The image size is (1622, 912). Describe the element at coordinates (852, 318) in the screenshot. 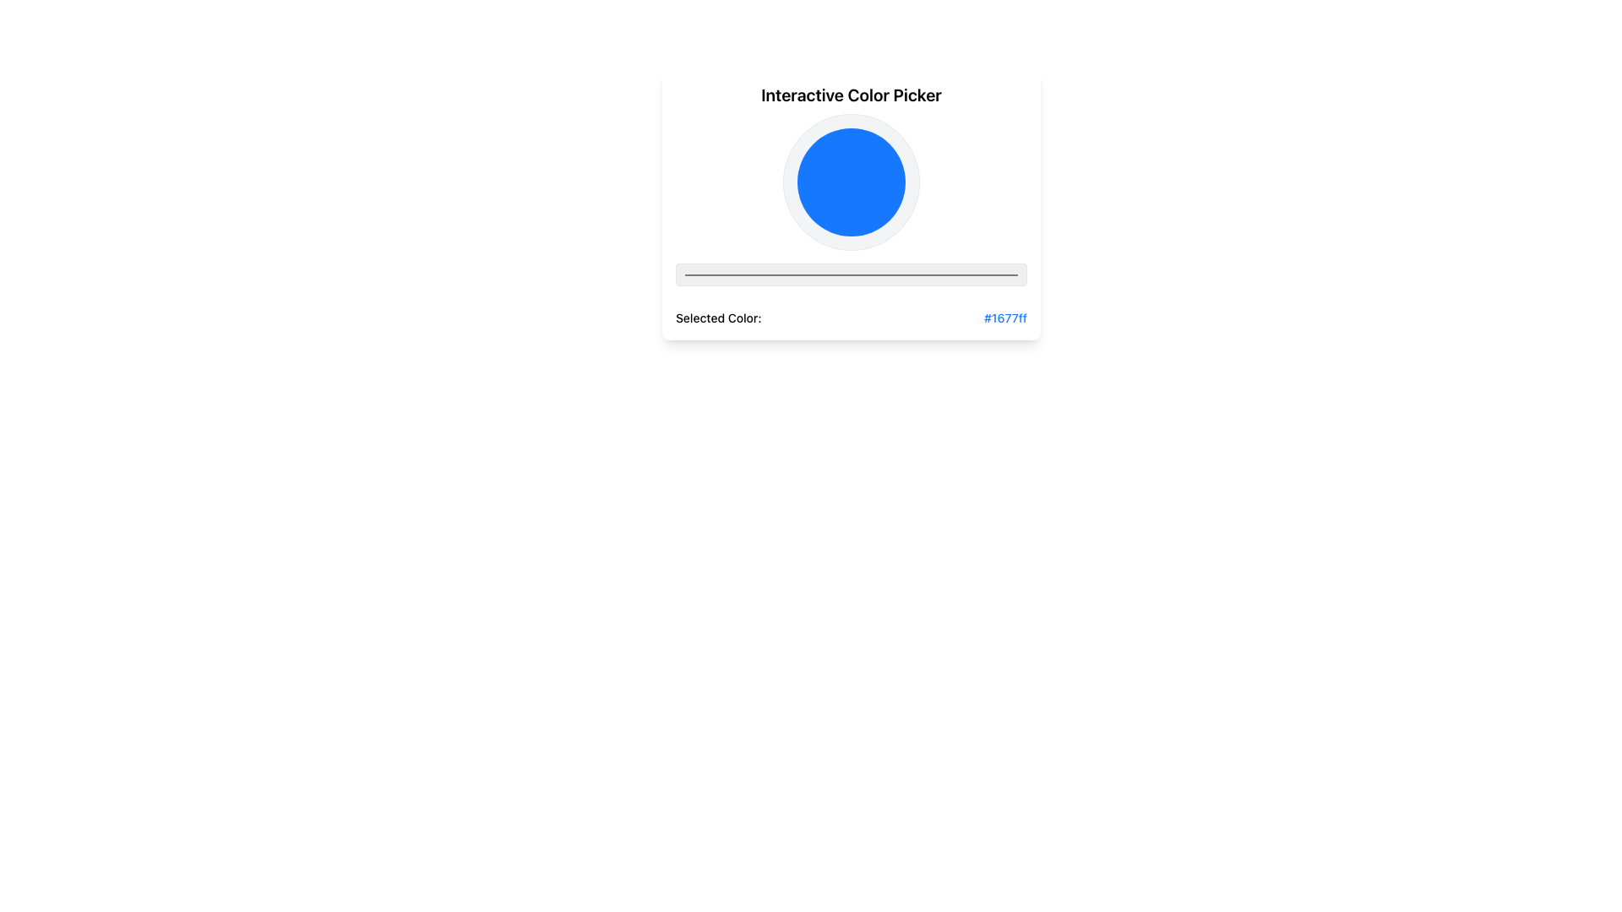

I see `the displayed text of the Text label that shows the currently selected color and its RGB value, located at the bottom of the color picker card` at that location.